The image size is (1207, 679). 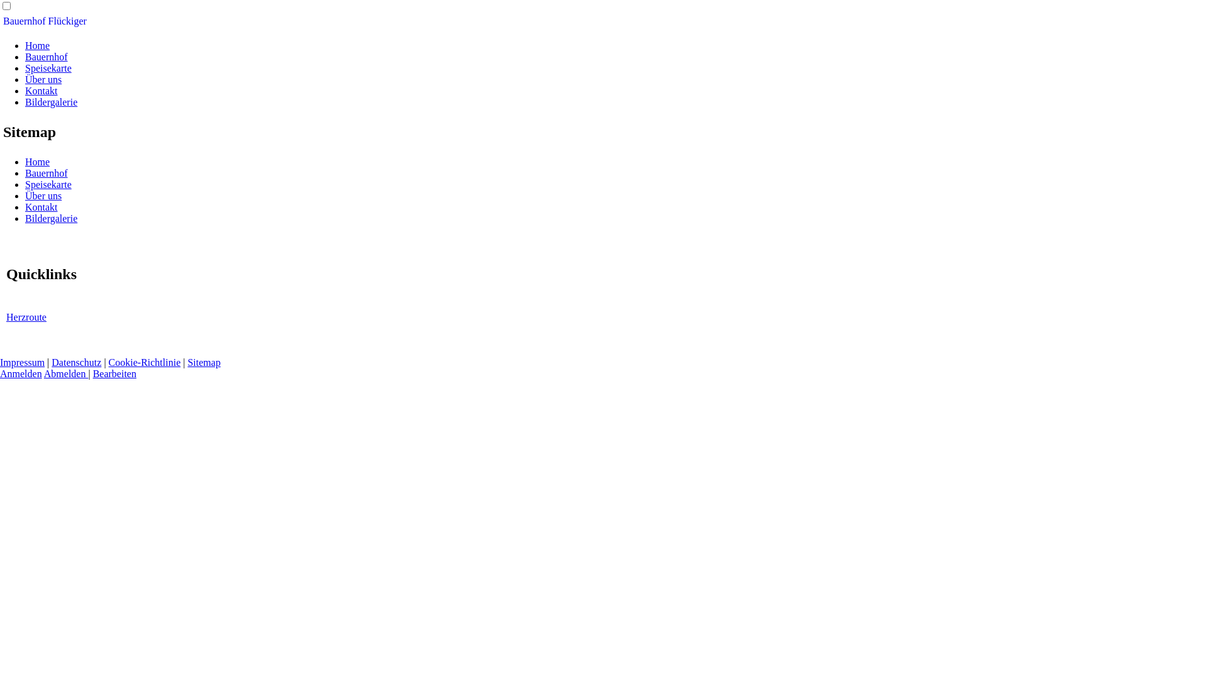 What do you see at coordinates (37, 161) in the screenshot?
I see `'Home'` at bounding box center [37, 161].